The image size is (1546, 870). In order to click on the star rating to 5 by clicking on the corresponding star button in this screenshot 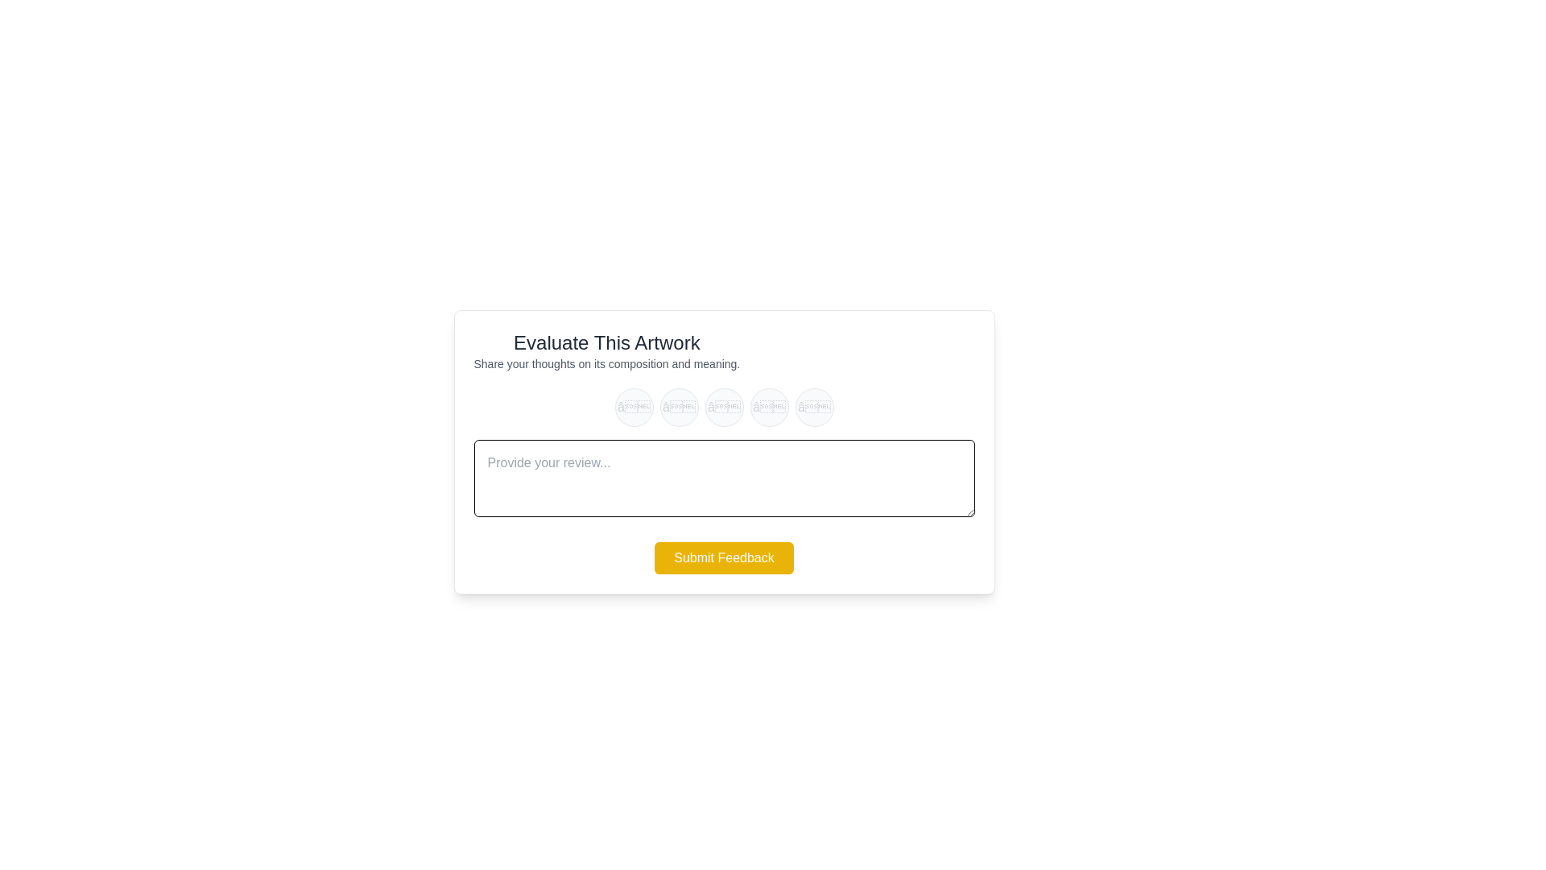, I will do `click(814, 406)`.